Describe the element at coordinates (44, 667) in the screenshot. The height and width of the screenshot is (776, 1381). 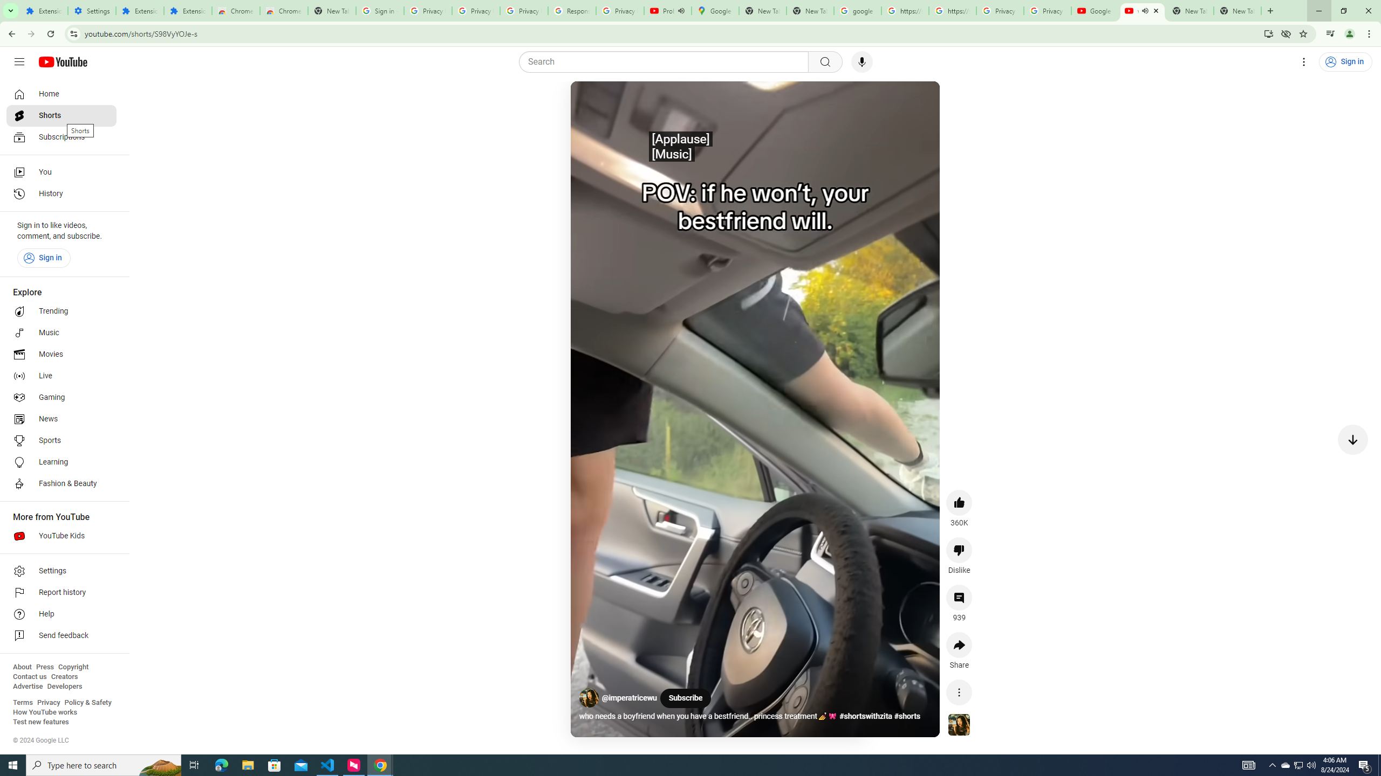
I see `'Press'` at that location.